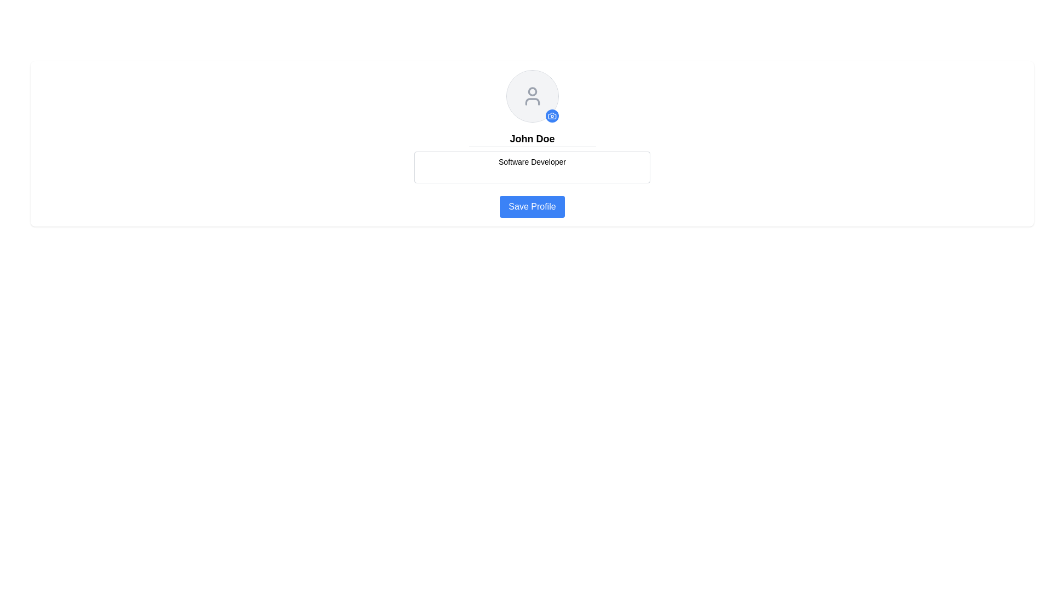 The width and height of the screenshot is (1051, 591). Describe the element at coordinates (532, 207) in the screenshot. I see `the 'Save Profile' button, which has a blue background and white text, located in the user profile editing panel below the 'Software Developer' input field` at that location.